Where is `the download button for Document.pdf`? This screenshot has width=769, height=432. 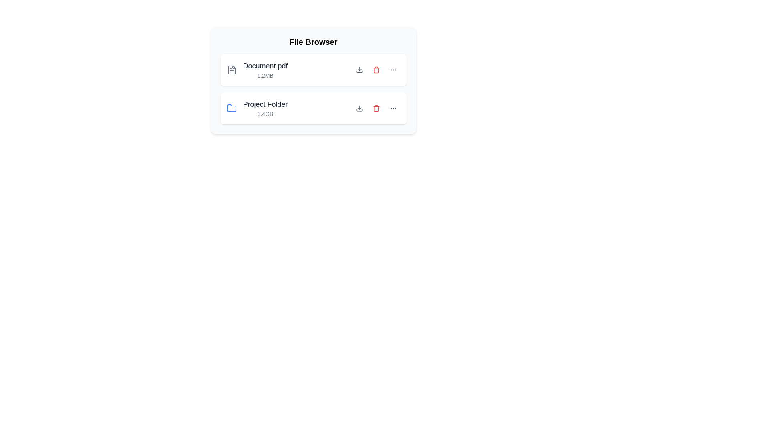 the download button for Document.pdf is located at coordinates (359, 69).